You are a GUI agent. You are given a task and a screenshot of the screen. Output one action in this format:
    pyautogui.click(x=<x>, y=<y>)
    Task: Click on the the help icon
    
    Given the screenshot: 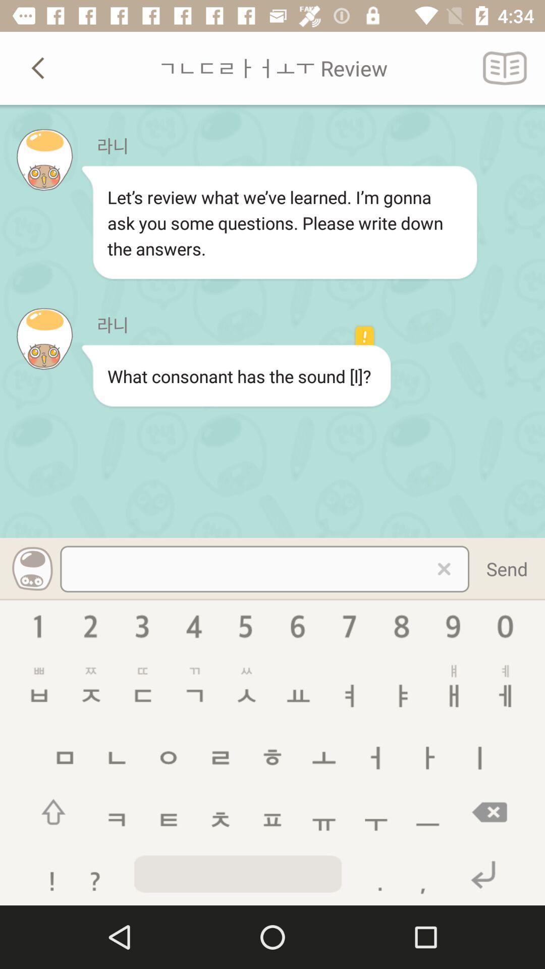 What is the action you would take?
    pyautogui.click(x=95, y=874)
    